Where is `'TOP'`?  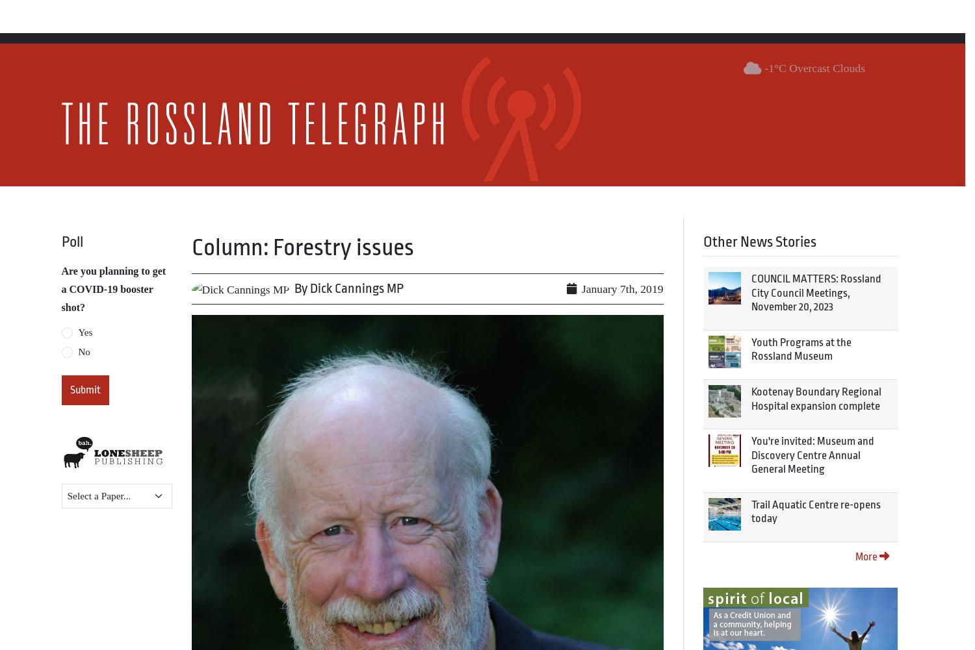
'TOP' is located at coordinates (938, 619).